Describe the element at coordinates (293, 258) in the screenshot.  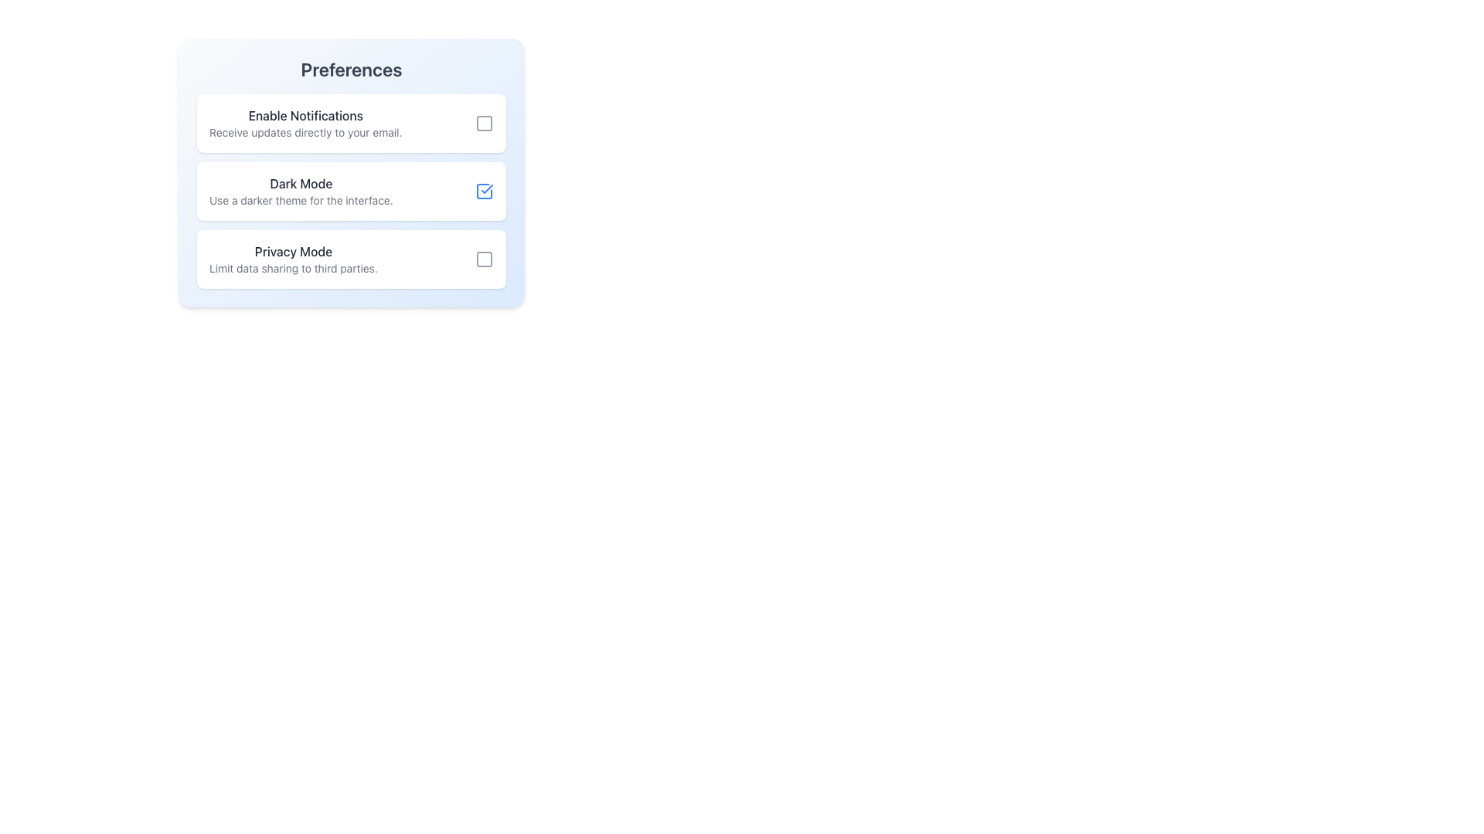
I see `the Text Block (Label) that describes the 'Privacy Mode' setting, which is the third option in the settings list` at that location.